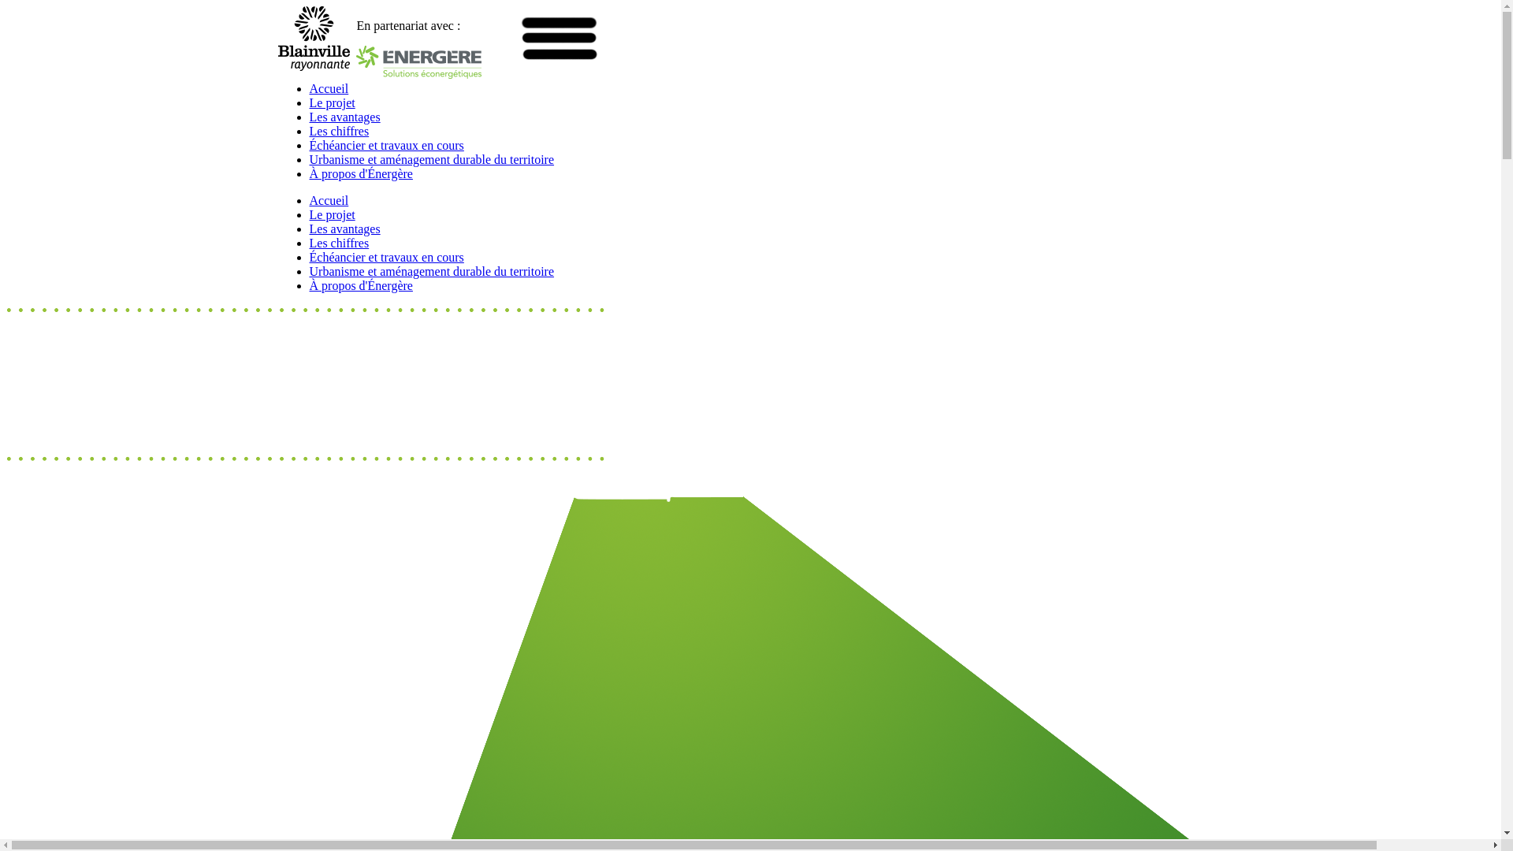 The image size is (1513, 851). I want to click on 'Les chiffres', so click(338, 130).